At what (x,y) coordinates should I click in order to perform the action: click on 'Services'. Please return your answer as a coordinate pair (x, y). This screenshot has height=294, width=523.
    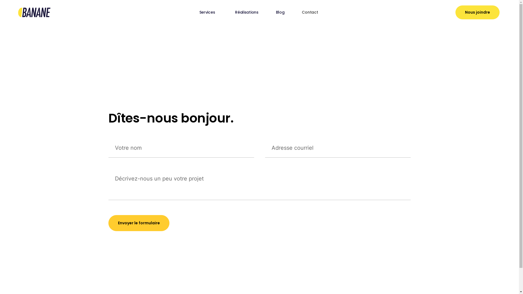
    Looking at the image, I should click on (191, 12).